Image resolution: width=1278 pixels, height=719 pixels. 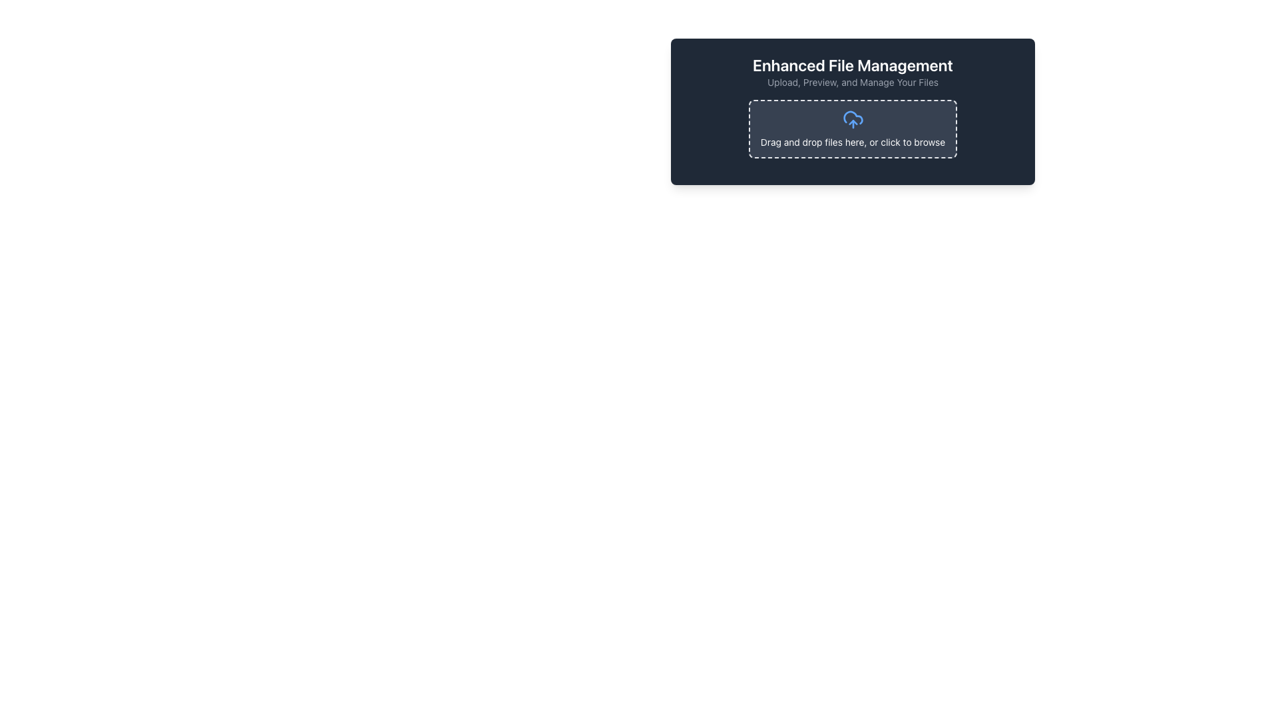 What do you see at coordinates (853, 134) in the screenshot?
I see `the interactive file upload area with a dashed border and a blue cloud upload icon to observe hover effects` at bounding box center [853, 134].